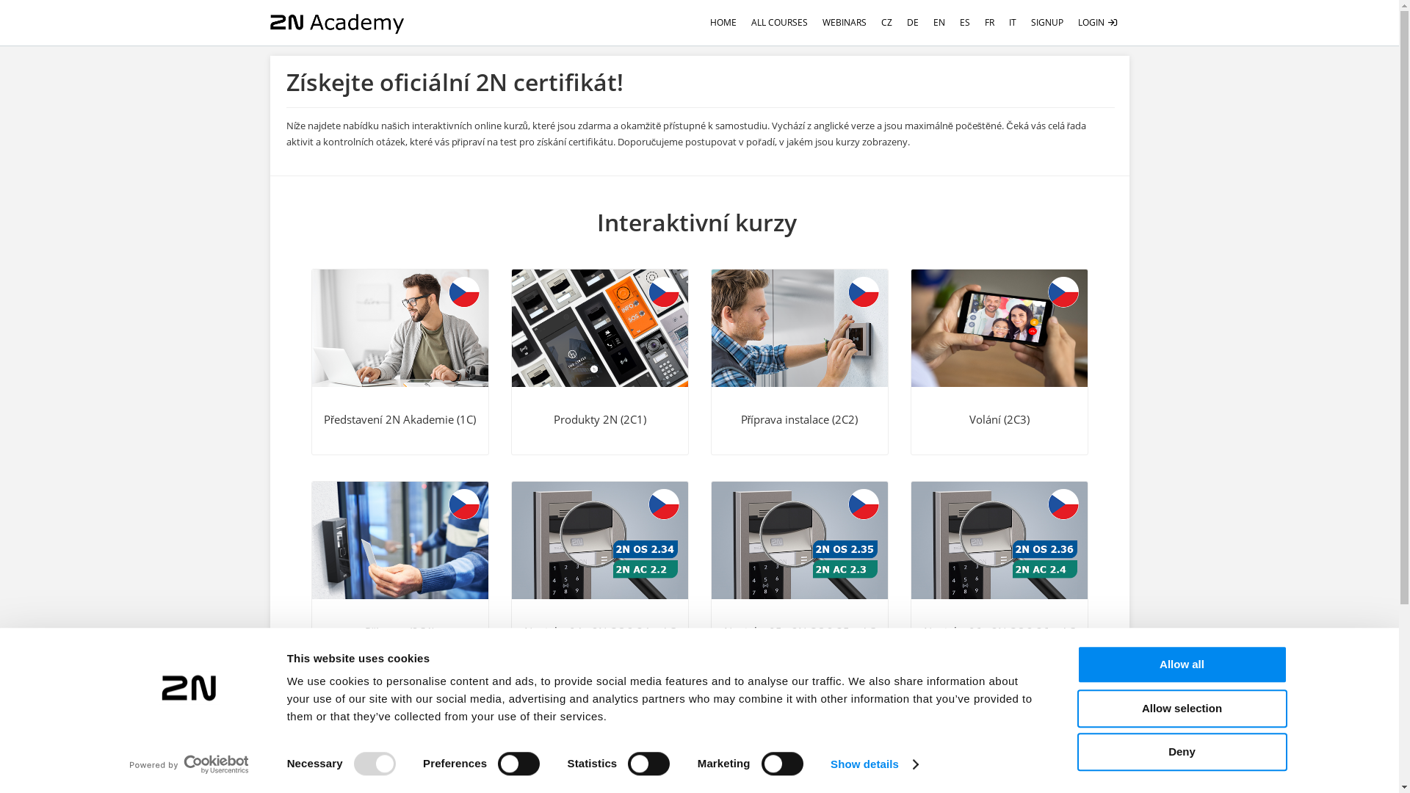  What do you see at coordinates (845, 22) in the screenshot?
I see `'WEBINARS'` at bounding box center [845, 22].